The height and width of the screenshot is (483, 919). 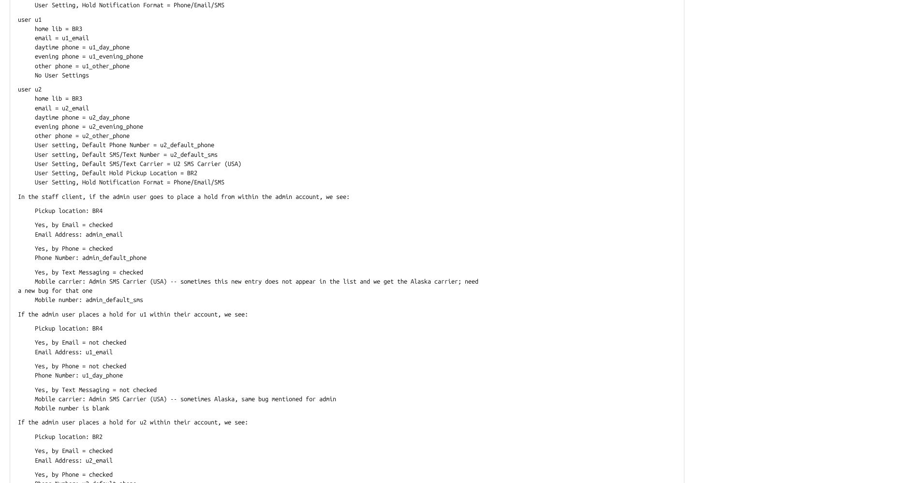 What do you see at coordinates (53, 107) in the screenshot?
I see `'email = u2_email'` at bounding box center [53, 107].